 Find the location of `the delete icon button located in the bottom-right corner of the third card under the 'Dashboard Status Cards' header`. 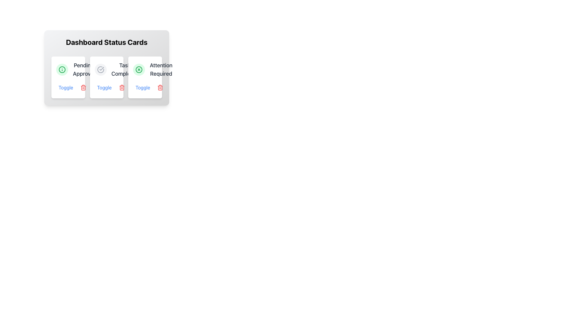

the delete icon button located in the bottom-right corner of the third card under the 'Dashboard Status Cards' header is located at coordinates (160, 88).